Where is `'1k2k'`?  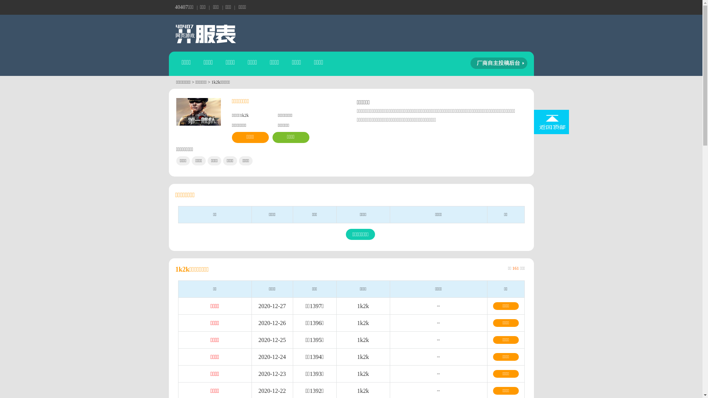
'1k2k' is located at coordinates (357, 374).